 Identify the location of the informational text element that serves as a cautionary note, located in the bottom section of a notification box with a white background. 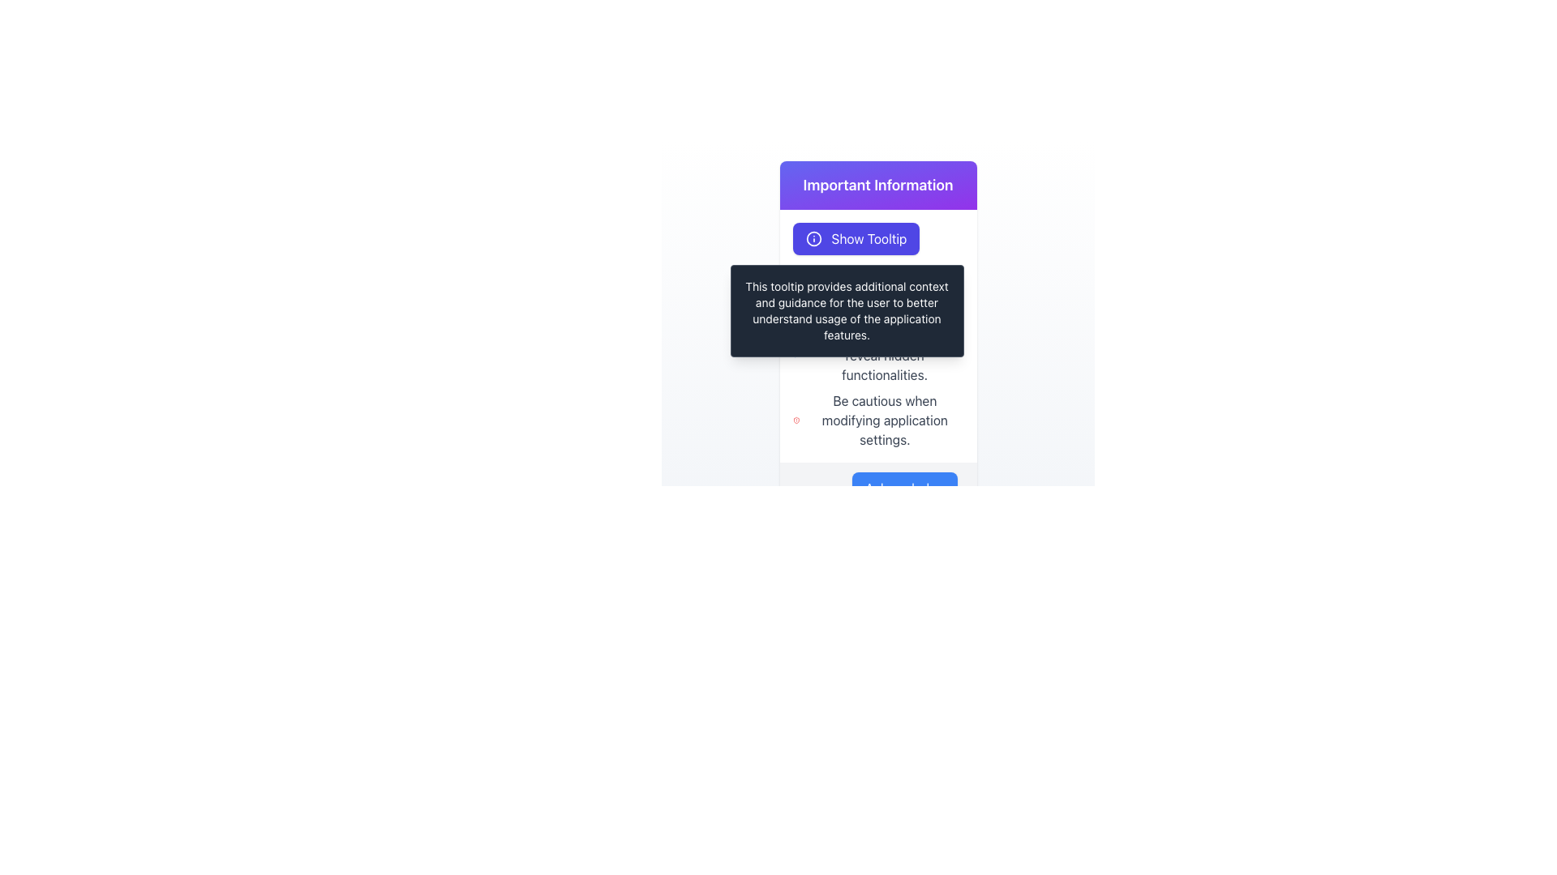
(877, 420).